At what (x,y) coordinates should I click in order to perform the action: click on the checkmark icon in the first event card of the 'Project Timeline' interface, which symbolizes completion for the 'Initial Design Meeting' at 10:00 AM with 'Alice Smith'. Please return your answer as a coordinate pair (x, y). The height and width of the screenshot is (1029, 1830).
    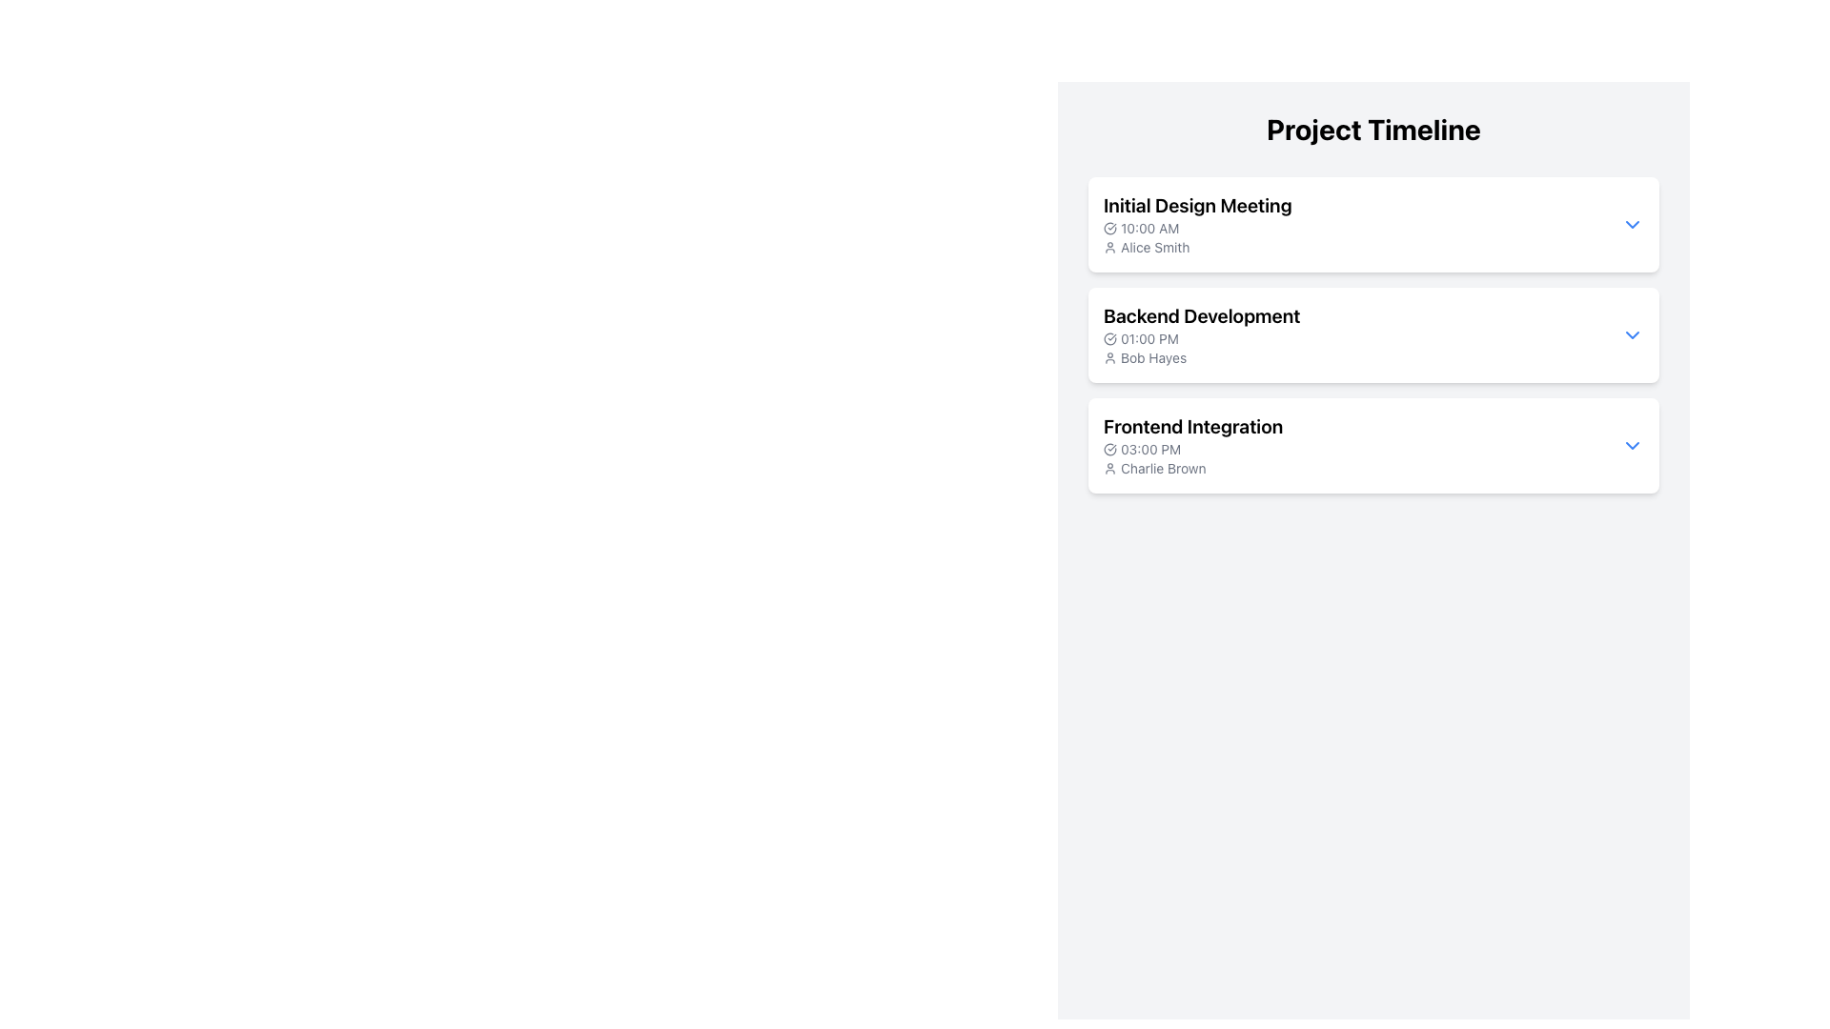
    Looking at the image, I should click on (1110, 227).